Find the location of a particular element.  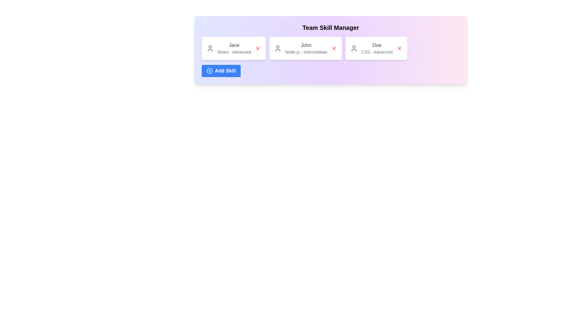

the skill card for React - Advanced to select it is located at coordinates (233, 48).